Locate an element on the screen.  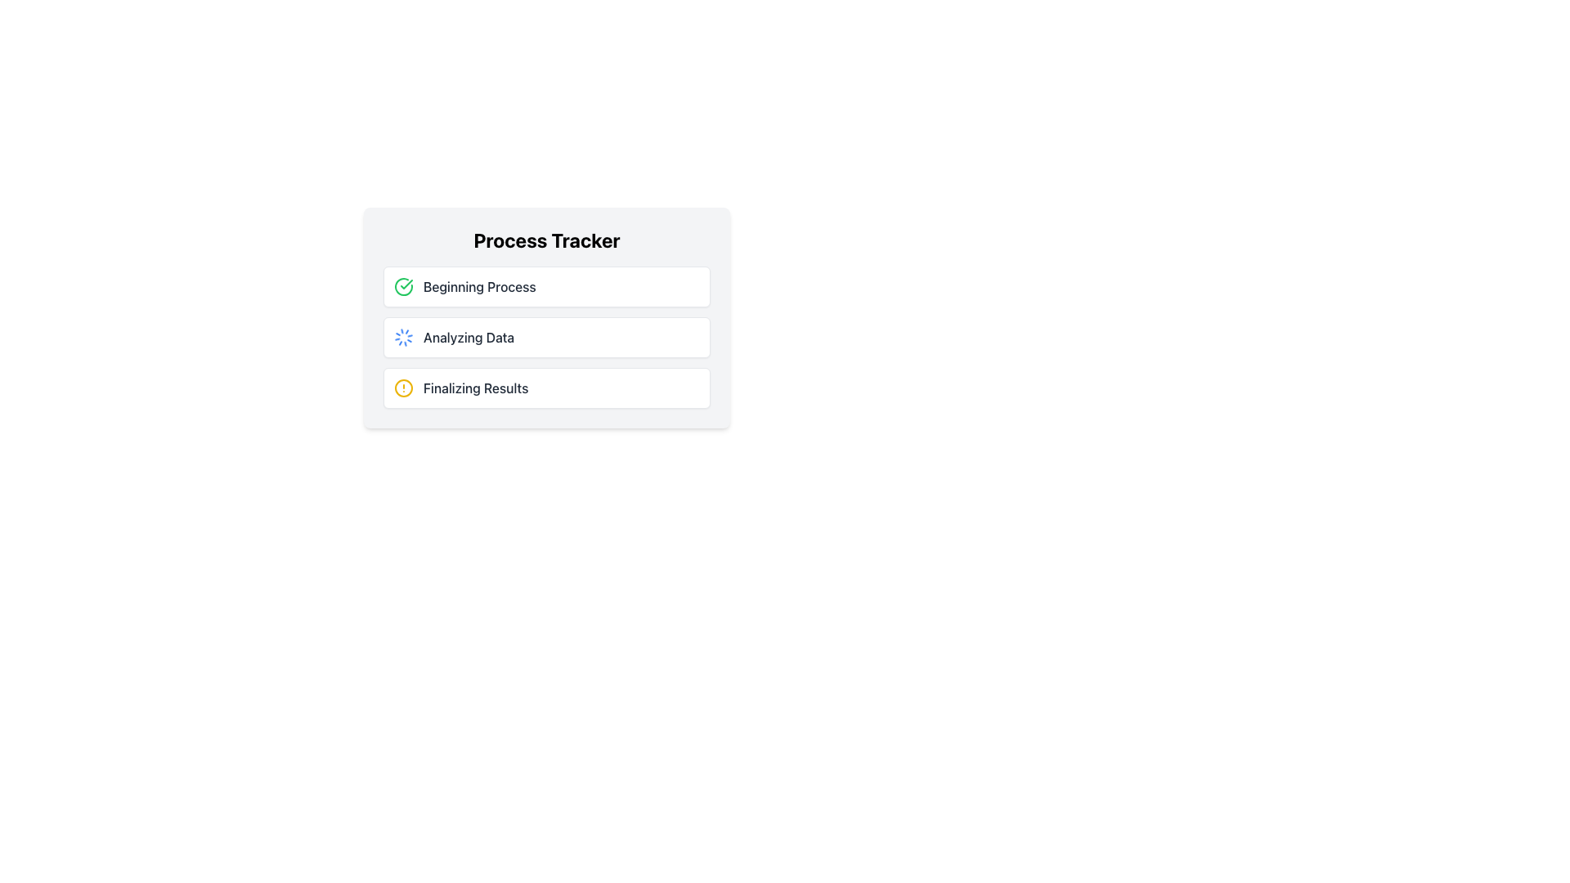
the title label located at the top-center of the panel which categorizes the section containing information such as 'Beginning Process', 'Analyzing Data', and 'Finalizing Results' is located at coordinates (546, 240).